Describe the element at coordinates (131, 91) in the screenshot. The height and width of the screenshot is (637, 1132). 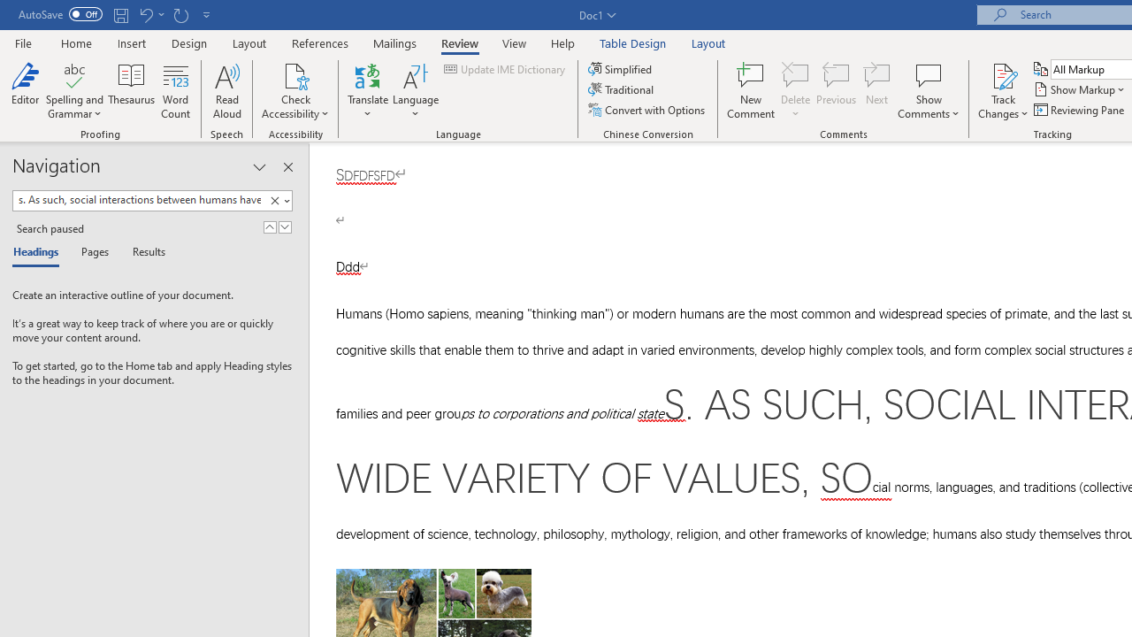
I see `'Thesaurus...'` at that location.